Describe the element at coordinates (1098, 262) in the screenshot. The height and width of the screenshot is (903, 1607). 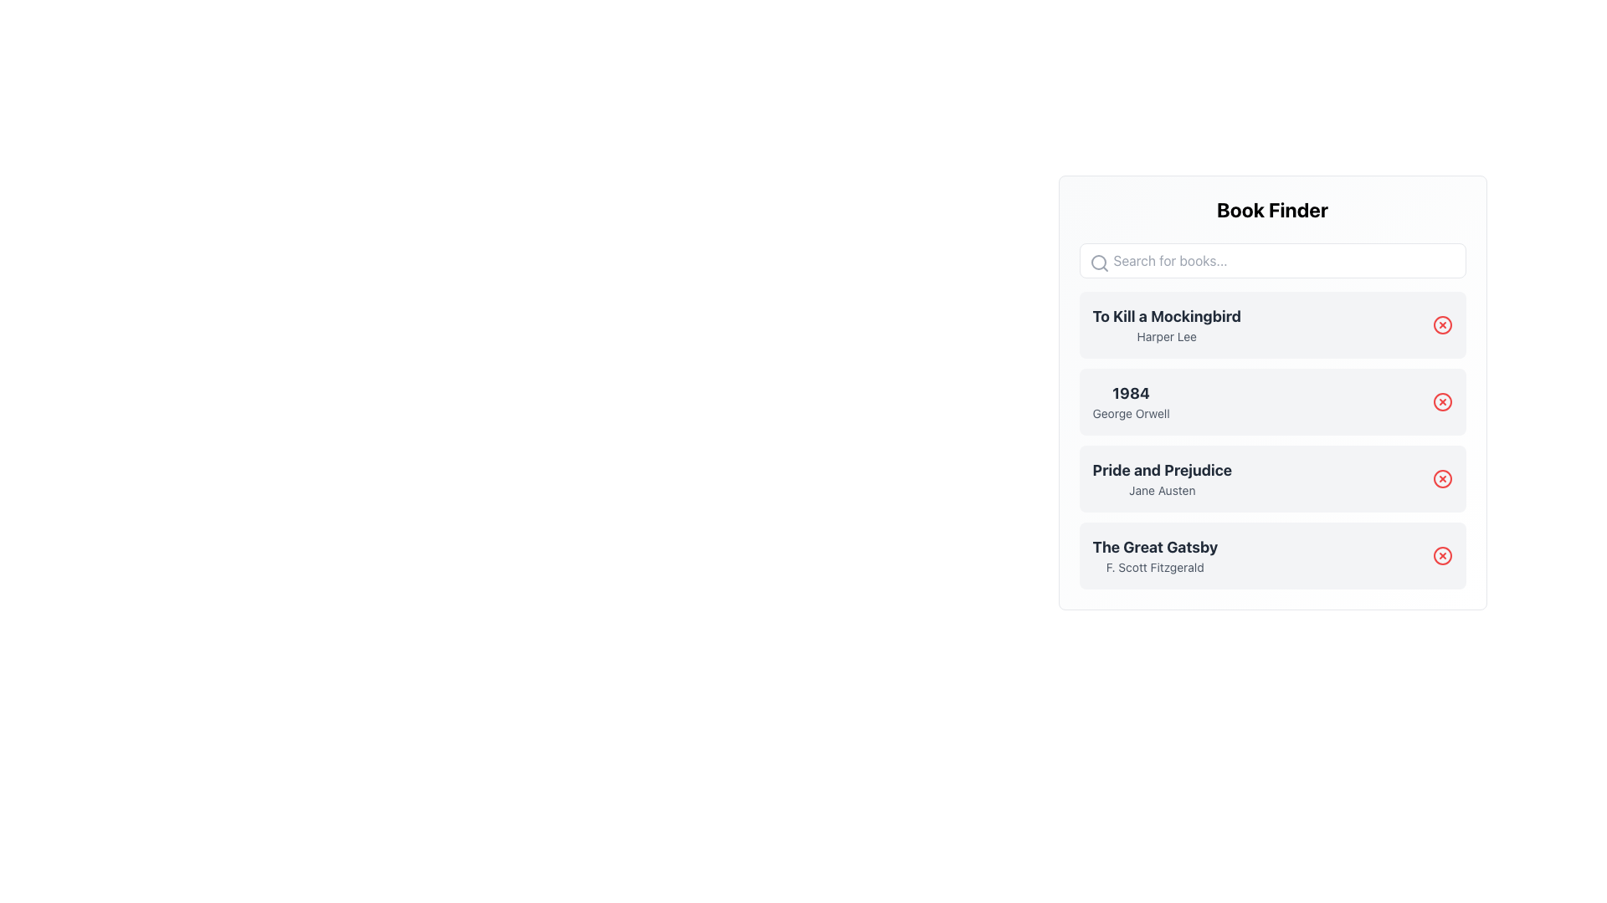
I see `the circular shape that resembles the lens part of the search icon located at the top-left corner of the search bar` at that location.